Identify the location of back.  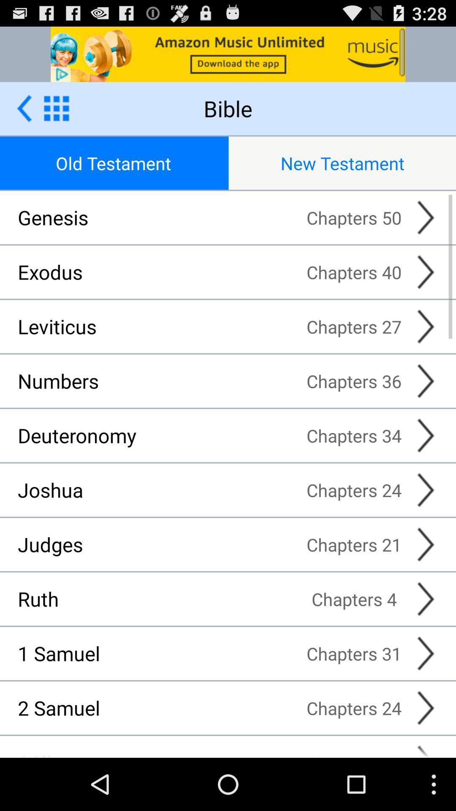
(24, 108).